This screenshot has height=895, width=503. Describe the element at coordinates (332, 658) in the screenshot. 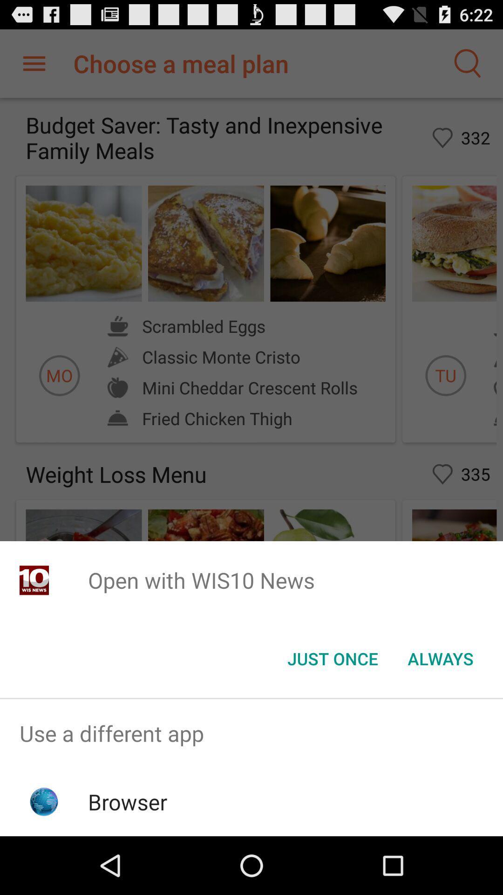

I see `the just once item` at that location.